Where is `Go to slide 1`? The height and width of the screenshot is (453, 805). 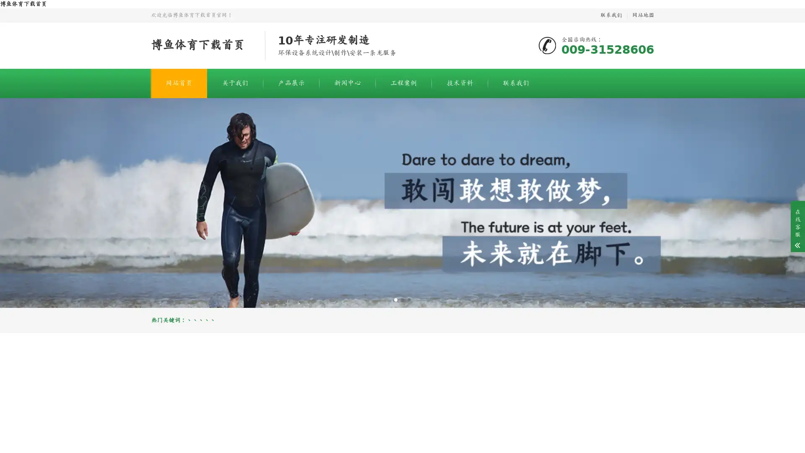
Go to slide 1 is located at coordinates (395, 299).